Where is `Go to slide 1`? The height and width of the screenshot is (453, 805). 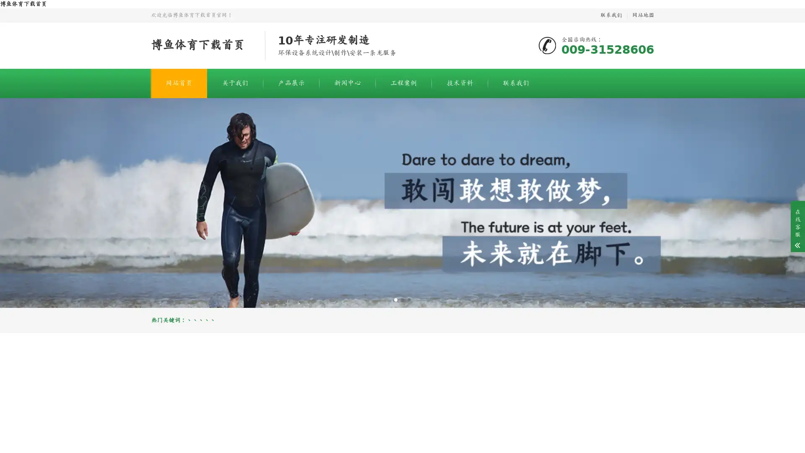
Go to slide 1 is located at coordinates (395, 299).